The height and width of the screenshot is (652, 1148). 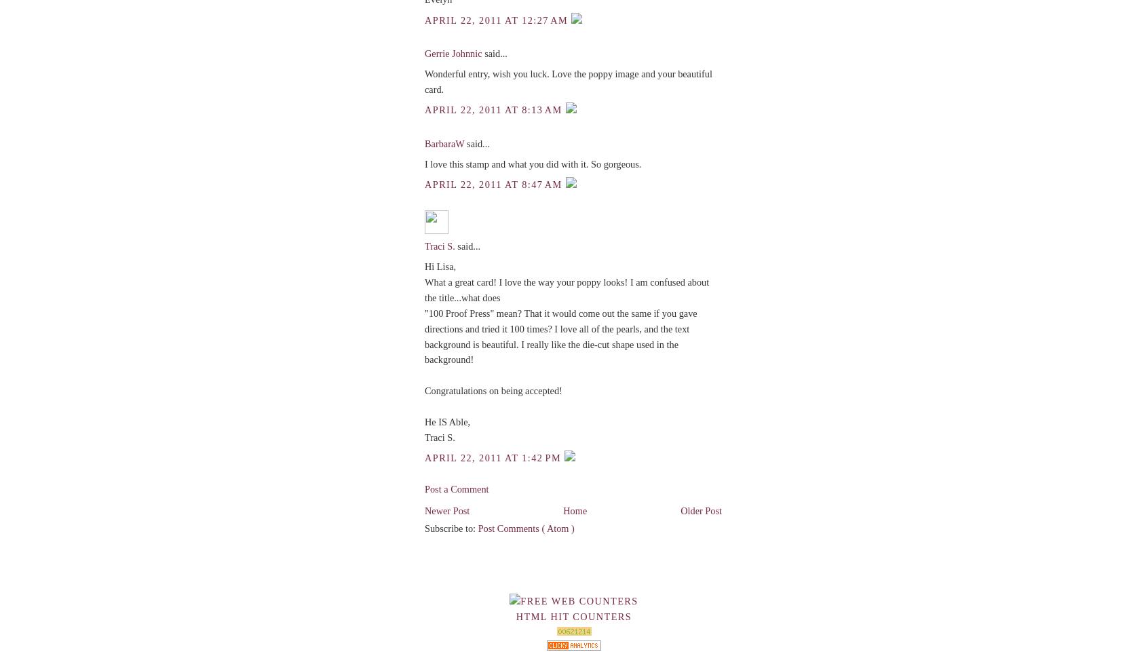 What do you see at coordinates (497, 19) in the screenshot?
I see `'April 22, 2011 at 12:27 AM'` at bounding box center [497, 19].